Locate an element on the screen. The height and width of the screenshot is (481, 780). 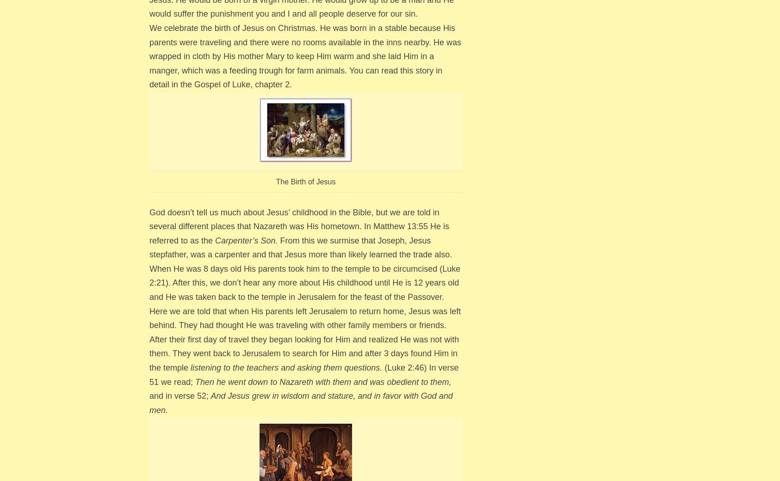
'We celebrate the birth of Jesus on Christmas. He was born in a stable because His parents were traveling and there were no rooms available in the inns nearby. He was wrapped in cloth by His mother Mary to keep Him warm and she laid Him in a manger, which was a feeding trough for farm animals. You can read this story in detail in the Gospel of Luke, chapter 2.' is located at coordinates (305, 56).